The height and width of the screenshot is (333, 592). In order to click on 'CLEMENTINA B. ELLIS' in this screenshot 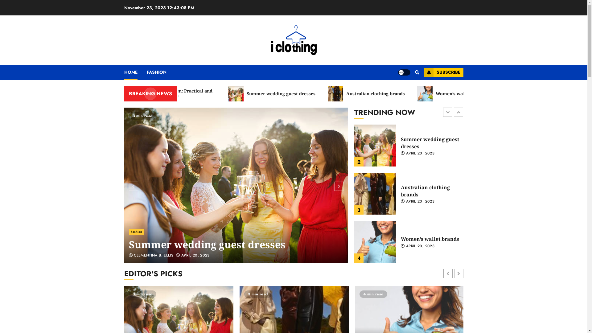, I will do `click(151, 256)`.